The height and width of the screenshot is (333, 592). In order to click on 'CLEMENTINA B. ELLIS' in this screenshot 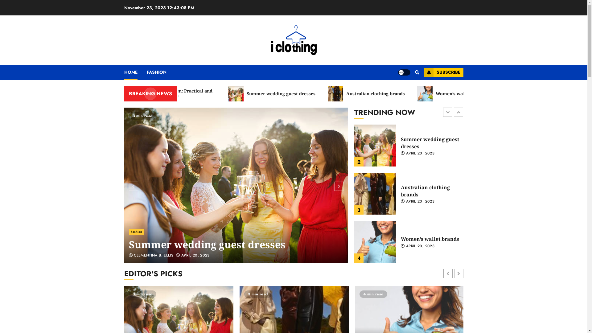, I will do `click(151, 256)`.